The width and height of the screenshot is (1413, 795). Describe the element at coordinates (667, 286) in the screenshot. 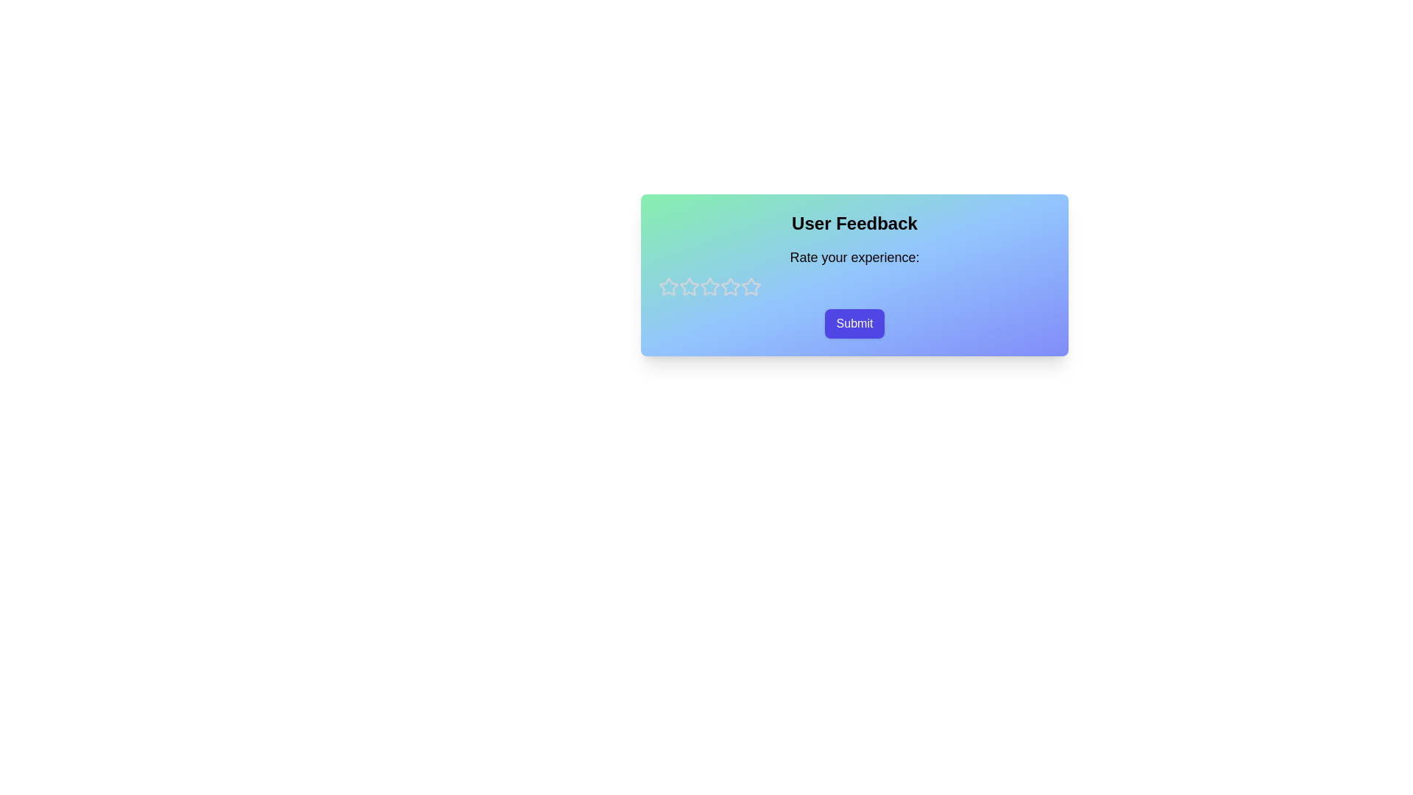

I see `the first star icon in the rating widget` at that location.